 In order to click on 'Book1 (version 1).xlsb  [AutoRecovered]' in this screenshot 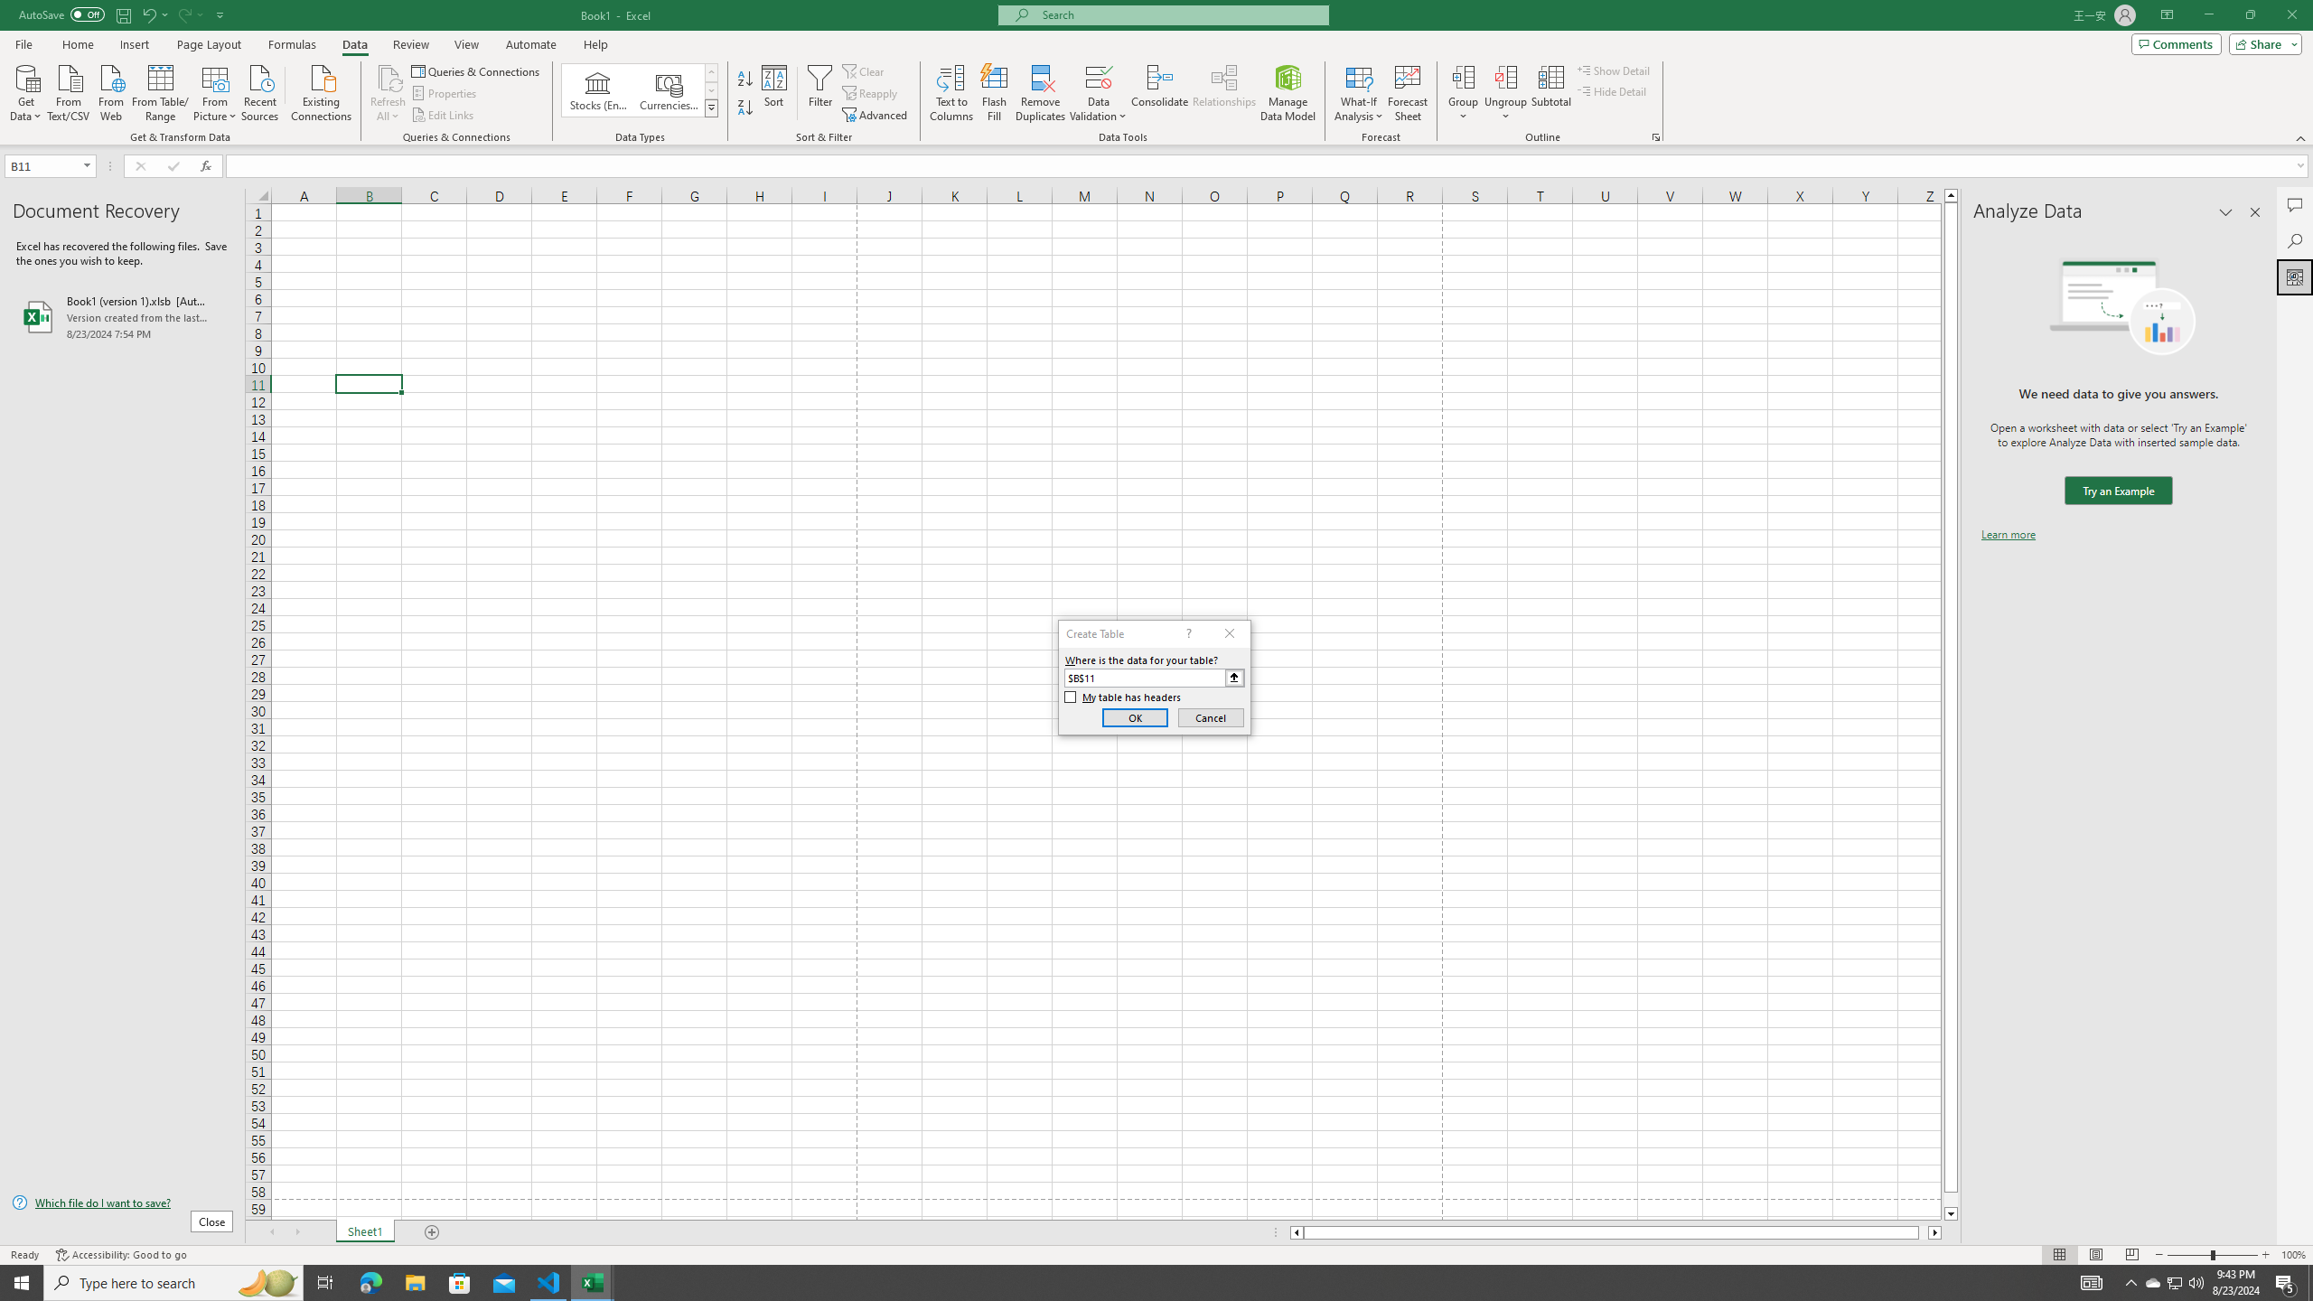, I will do `click(121, 315)`.